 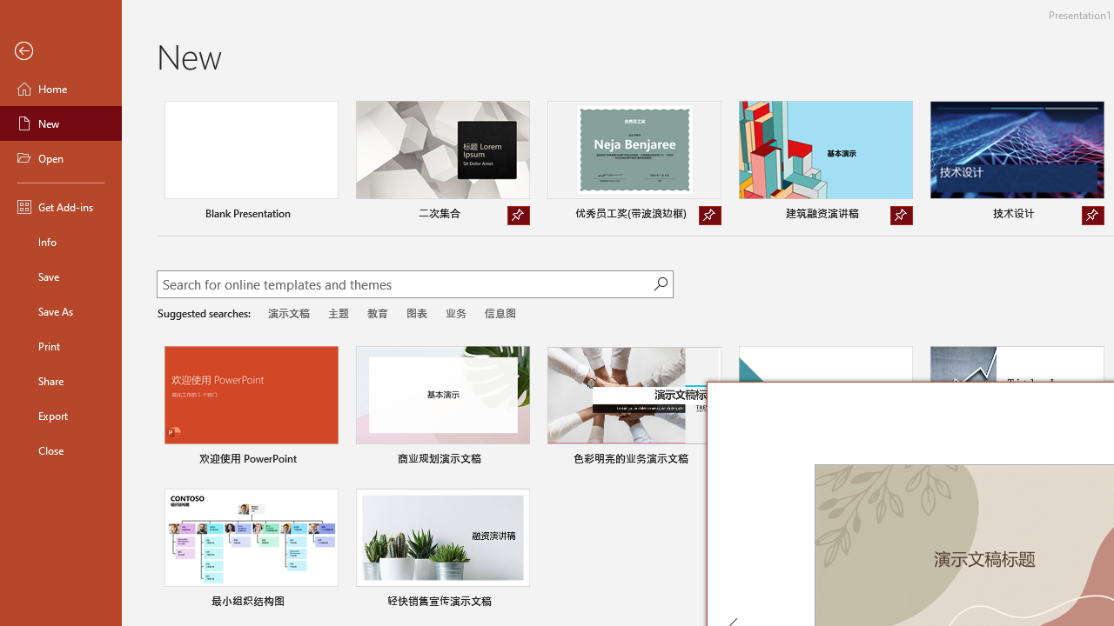 What do you see at coordinates (1091, 215) in the screenshot?
I see `'Unpin from list'` at bounding box center [1091, 215].